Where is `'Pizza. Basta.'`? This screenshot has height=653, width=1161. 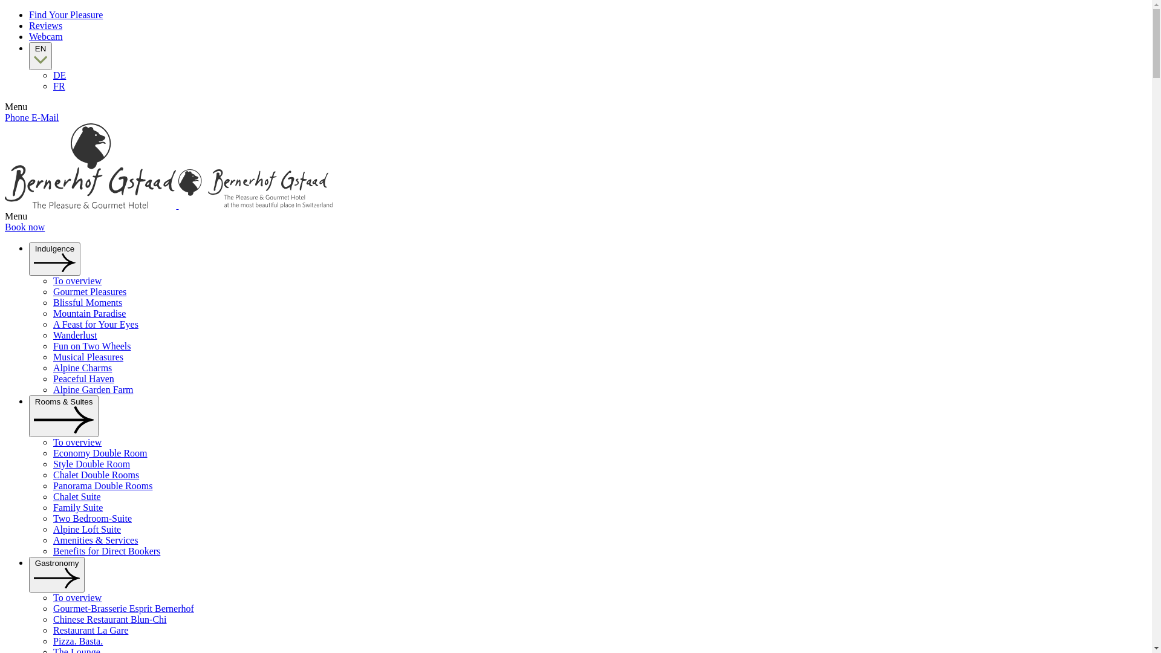 'Pizza. Basta.' is located at coordinates (77, 640).